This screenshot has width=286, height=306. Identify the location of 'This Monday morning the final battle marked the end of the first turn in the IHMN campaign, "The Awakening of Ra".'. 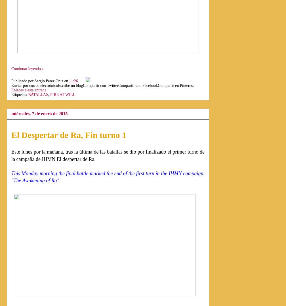
(108, 176).